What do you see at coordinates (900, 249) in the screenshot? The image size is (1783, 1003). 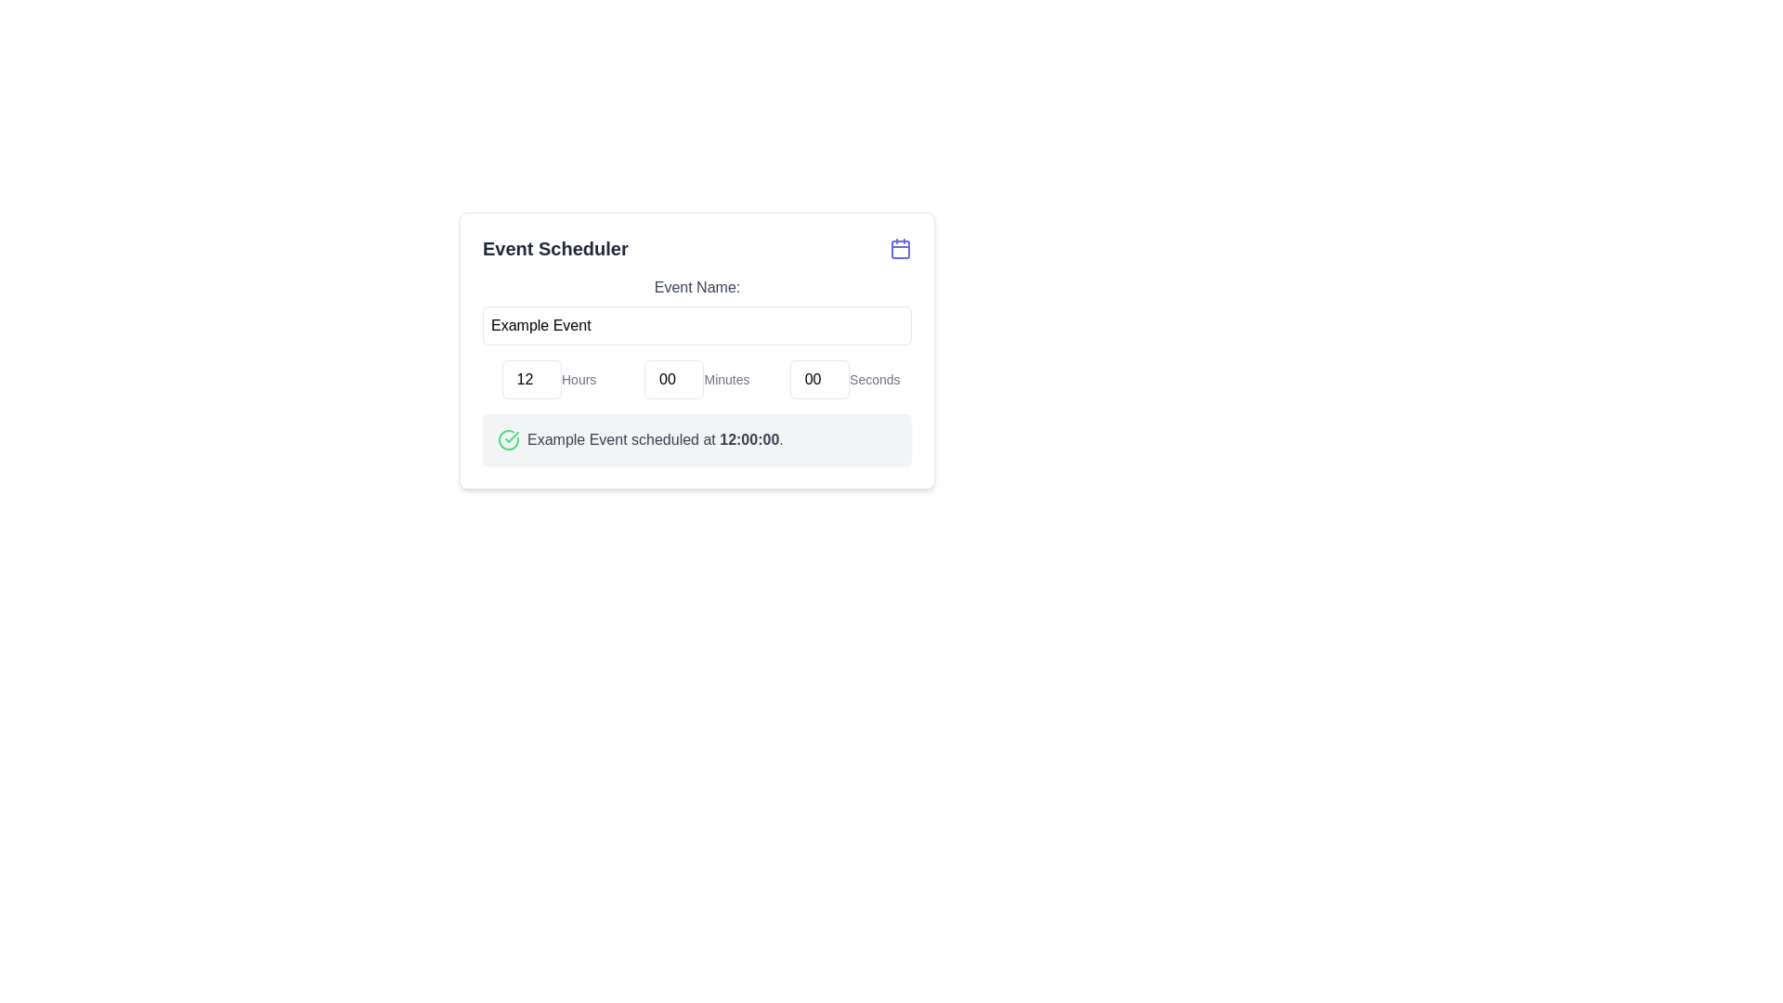 I see `the rectangle element representing the content area of the calendar icon located in the top-right corner of the interface, adjacent to the Event Scheduler title` at bounding box center [900, 249].